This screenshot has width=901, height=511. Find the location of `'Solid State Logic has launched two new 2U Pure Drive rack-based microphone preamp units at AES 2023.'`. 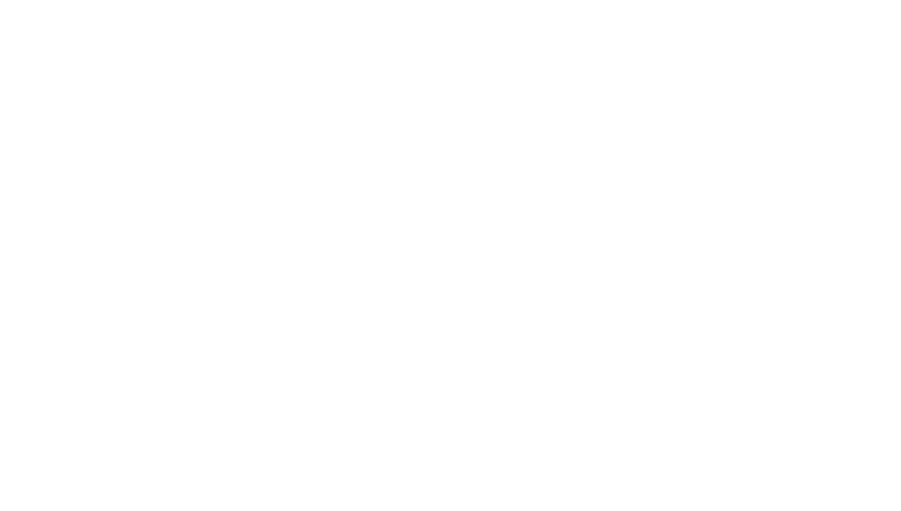

'Solid State Logic has launched two new 2U Pure Drive rack-based microphone preamp units at AES 2023.' is located at coordinates (407, 212).